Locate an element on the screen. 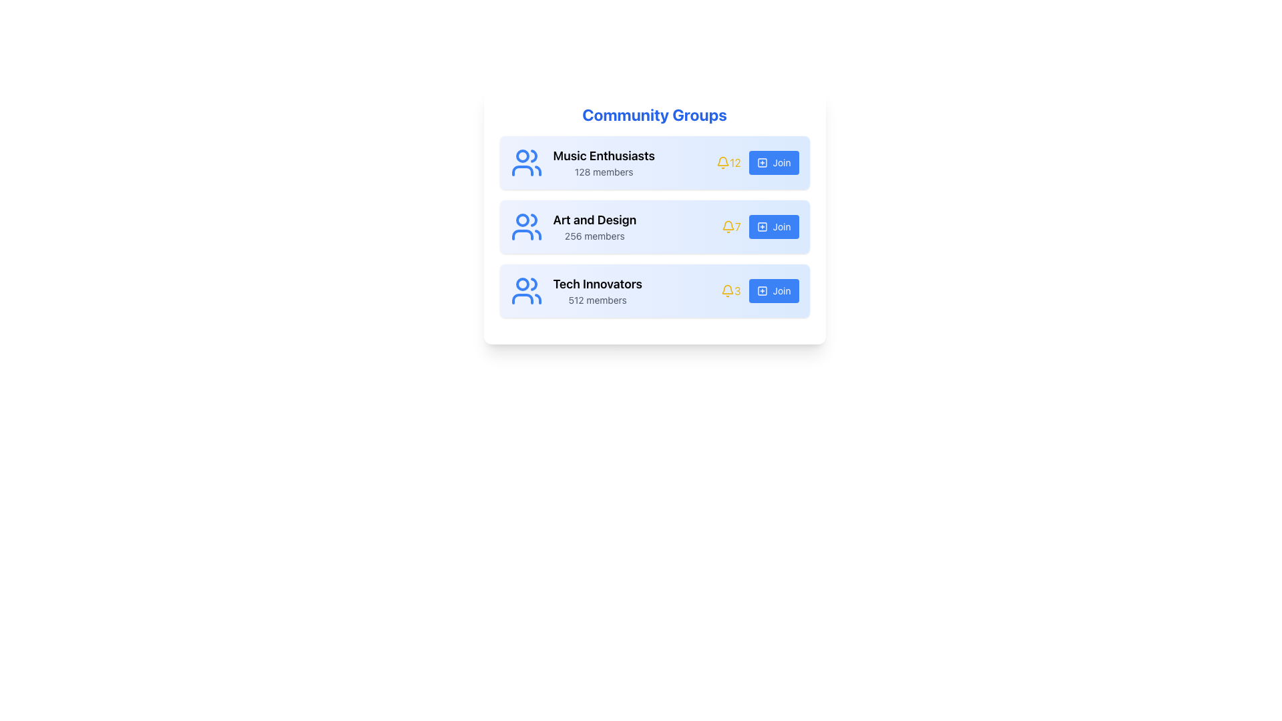 The width and height of the screenshot is (1282, 721). the notification icon associated with the 'Art and Design' community group, which is located to the left of the blue 'Join' button is located at coordinates (727, 226).